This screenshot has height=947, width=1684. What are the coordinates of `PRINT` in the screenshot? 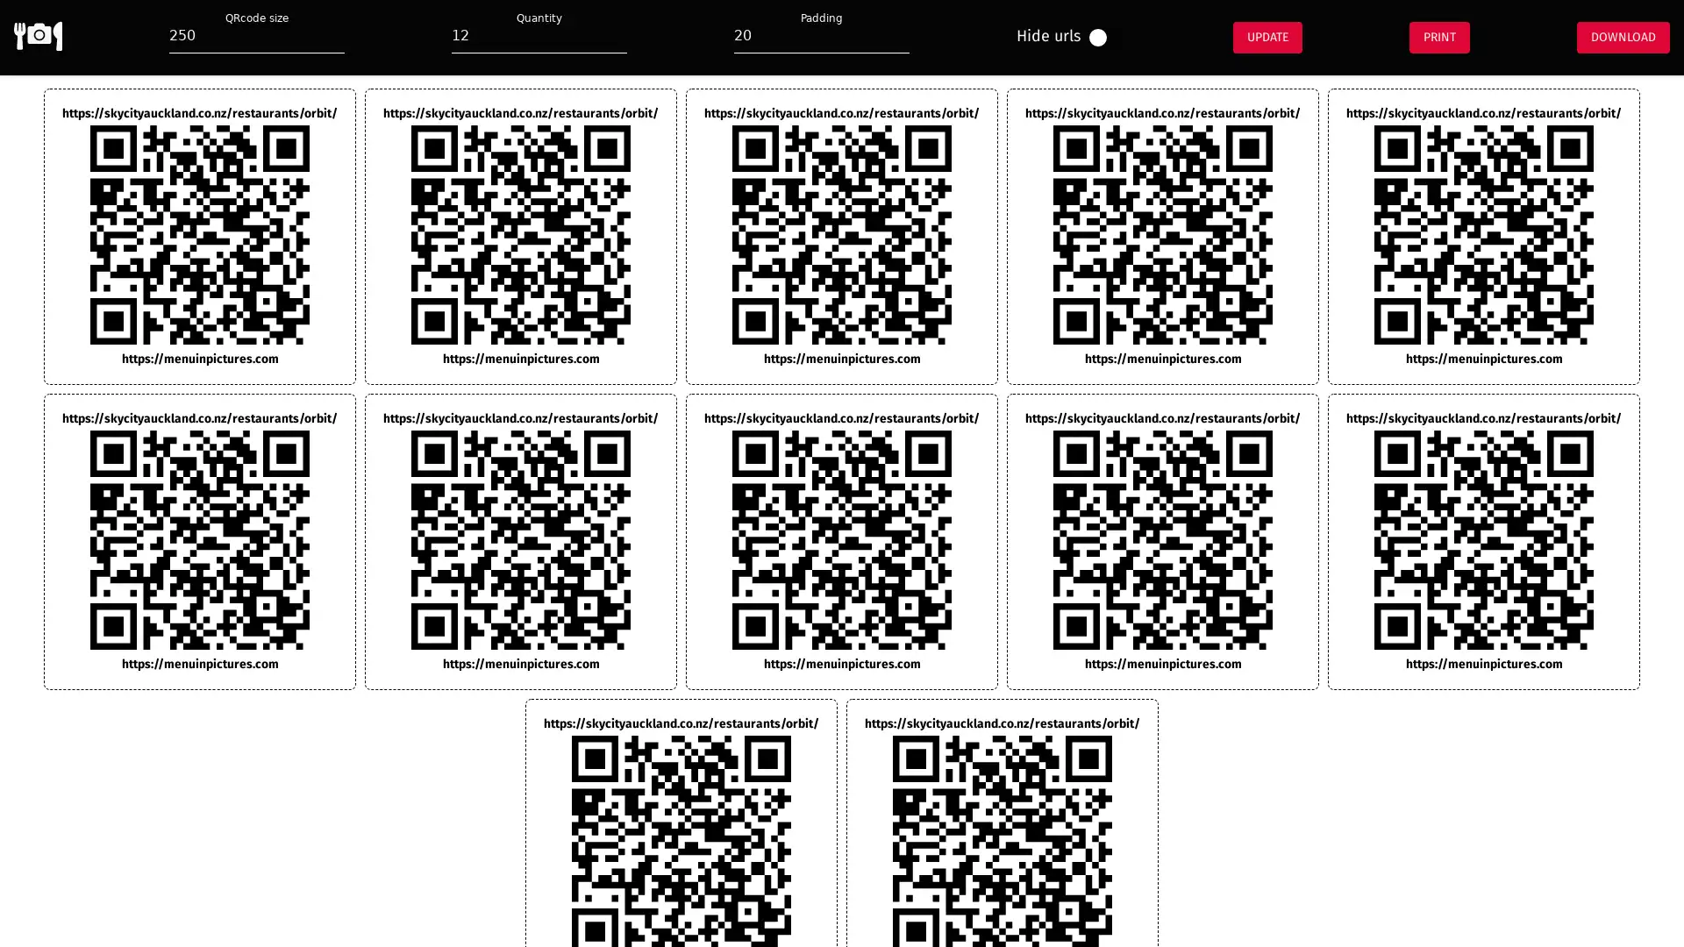 It's located at (1438, 37).